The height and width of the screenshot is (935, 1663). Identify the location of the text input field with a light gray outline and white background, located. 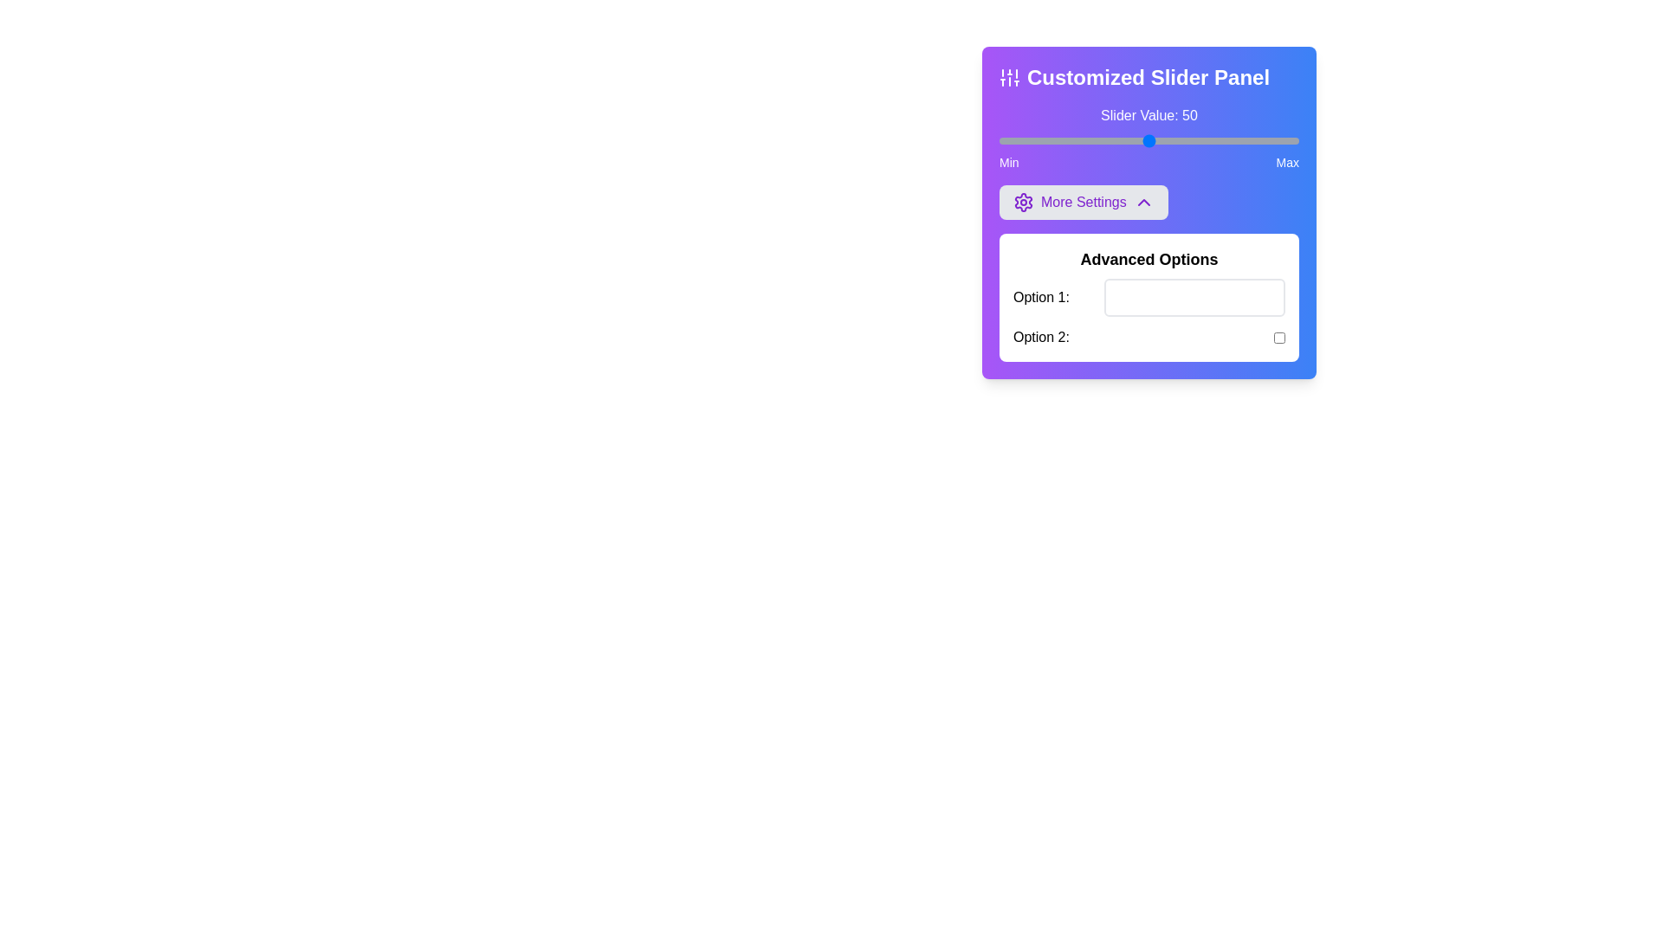
(1194, 296).